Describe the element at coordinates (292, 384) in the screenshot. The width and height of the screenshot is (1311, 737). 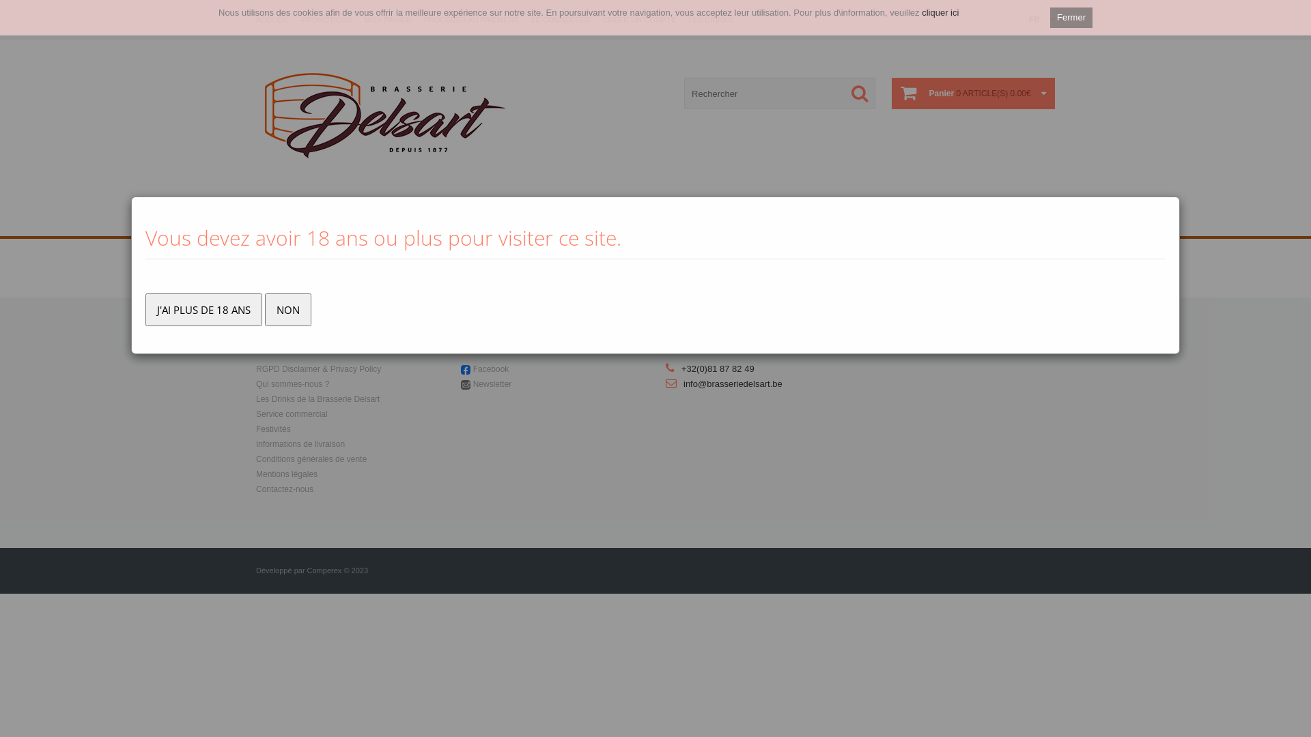
I see `'Qui sommes-nous ?'` at that location.